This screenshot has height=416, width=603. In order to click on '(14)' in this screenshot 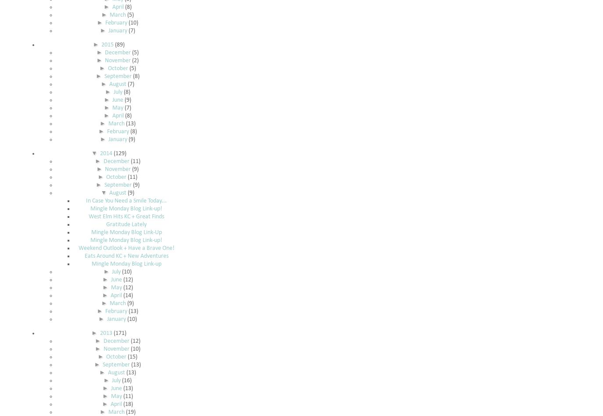, I will do `click(127, 295)`.